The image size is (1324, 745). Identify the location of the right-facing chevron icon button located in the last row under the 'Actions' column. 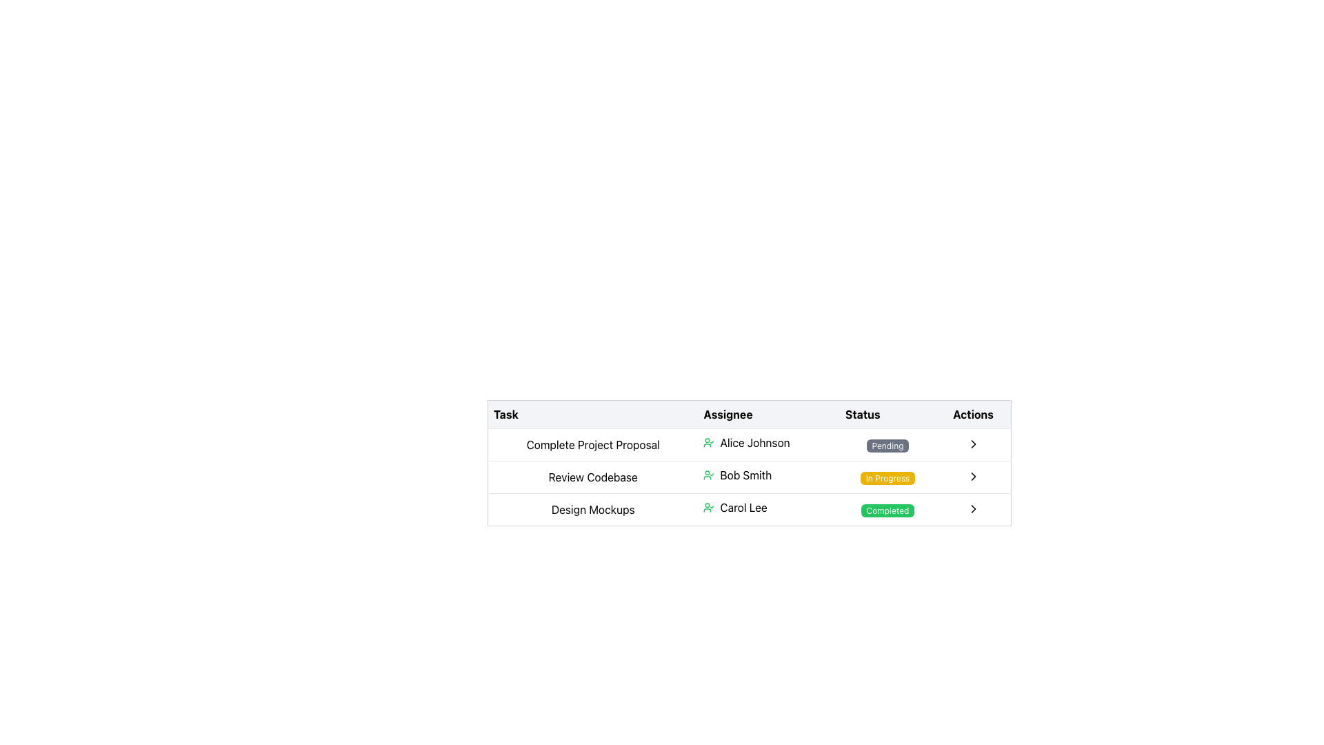
(972, 508).